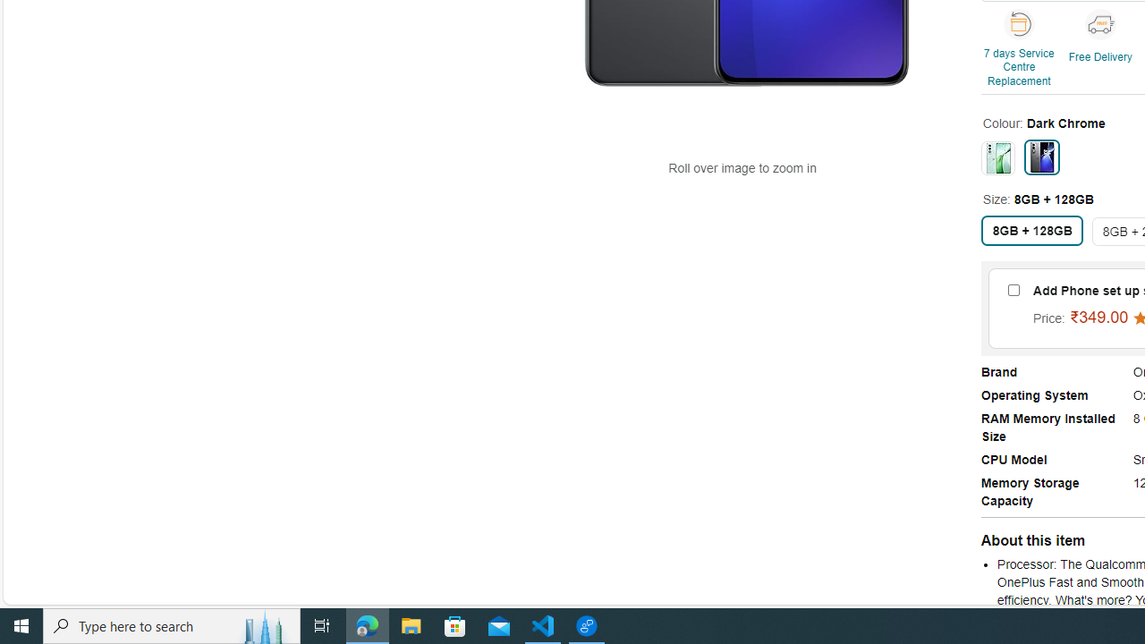 The width and height of the screenshot is (1145, 644). What do you see at coordinates (1014, 289) in the screenshot?
I see `'AutomationID: ppdb-add-service-checkbox'` at bounding box center [1014, 289].